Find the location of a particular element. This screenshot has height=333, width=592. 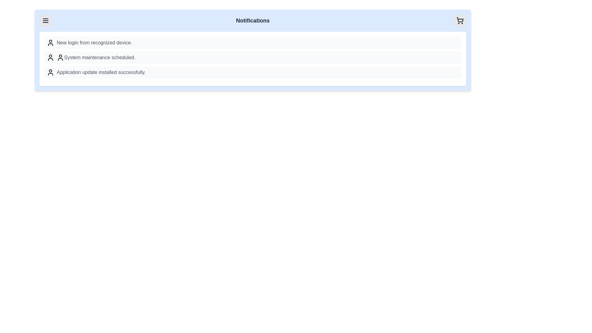

the icon that represents a user or system entity associated with the notification context, located to the left of the text 'System maintenance scheduled.' is located at coordinates (60, 57).